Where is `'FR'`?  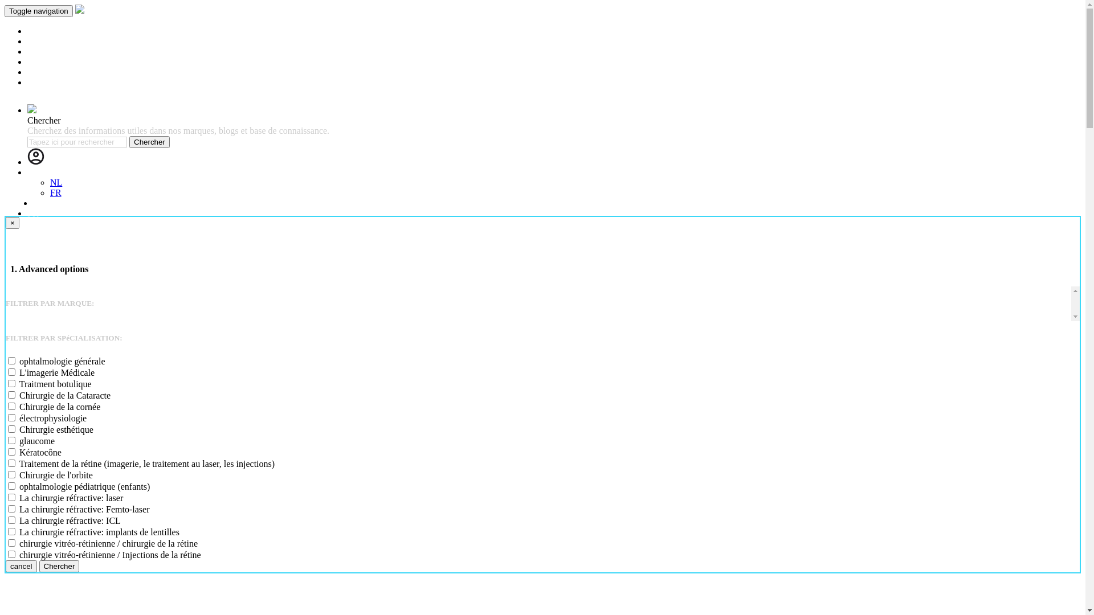
'FR' is located at coordinates (32, 213).